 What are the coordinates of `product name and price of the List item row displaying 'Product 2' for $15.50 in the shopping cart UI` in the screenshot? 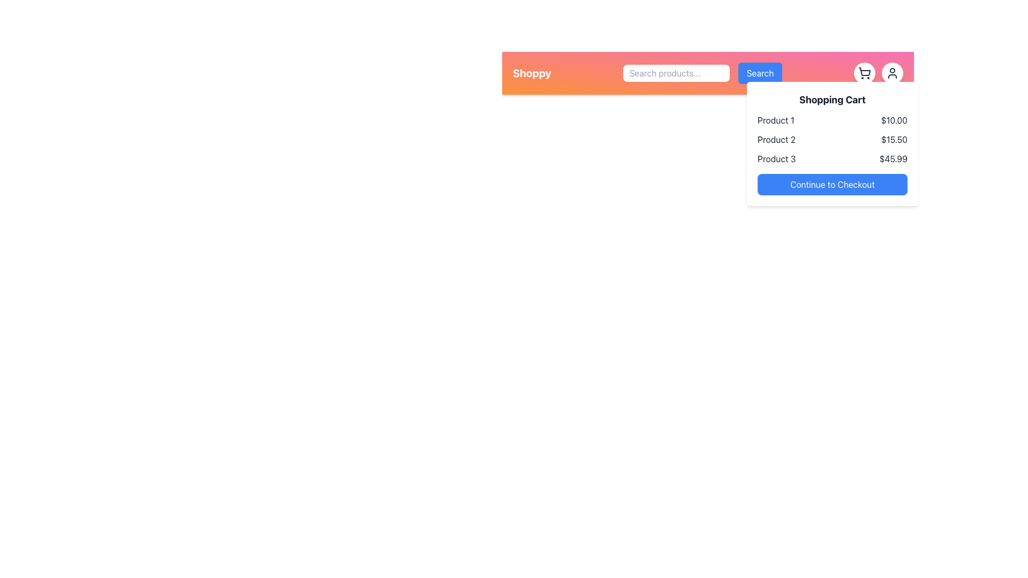 It's located at (832, 139).